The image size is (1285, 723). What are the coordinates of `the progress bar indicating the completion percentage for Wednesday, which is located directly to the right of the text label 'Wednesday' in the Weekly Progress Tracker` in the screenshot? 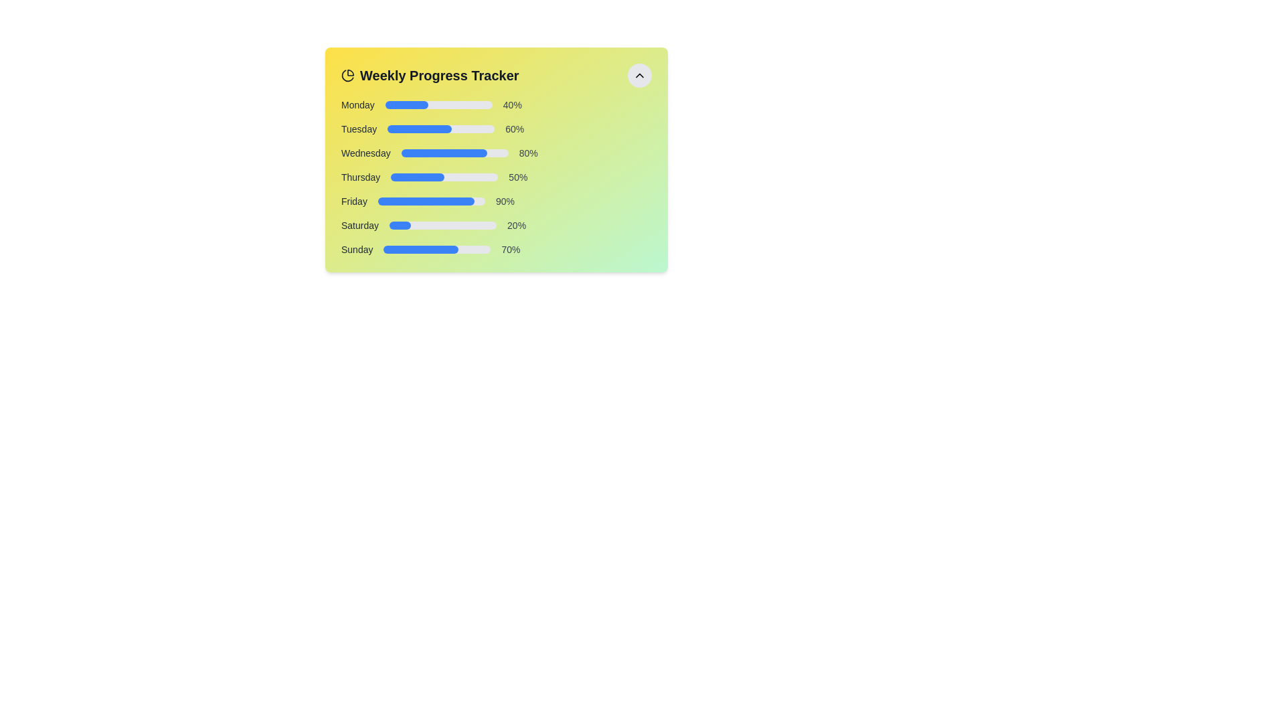 It's located at (454, 152).